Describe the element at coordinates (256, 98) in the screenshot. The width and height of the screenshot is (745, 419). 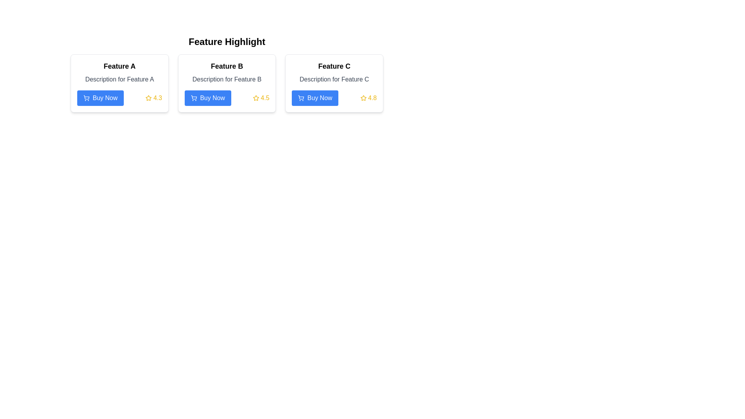
I see `the yellow star icon that serves as a rating indicator located in the Feature B section, positioned to the right of the 'Buy Now' button and to the left of the text '4.5'` at that location.